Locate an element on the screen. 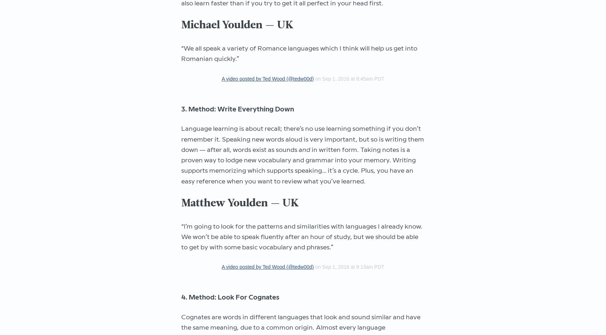 The height and width of the screenshot is (335, 606). 'in written form. Taking notes is a proven way to lodge new vocabulary and grammar into your memory. Writing supports memorizing which supports speaking… it’s a cycle. Plus, you have an easy reference when you want to review what you’ve learned.' is located at coordinates (181, 165).